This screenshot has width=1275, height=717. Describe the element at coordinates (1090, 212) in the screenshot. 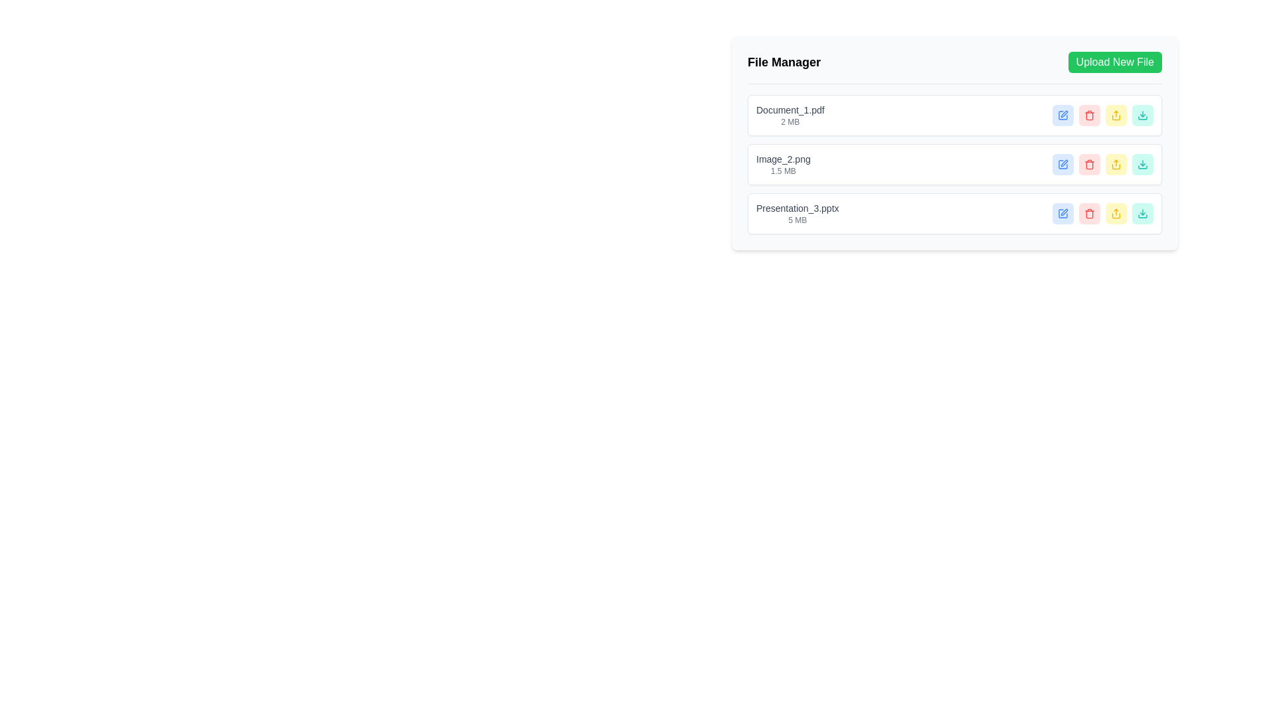

I see `the delete button with a red background and a trashcan icon, which is the third button in a horizontal group of action buttons located to the right of 'Presentation_3.pptx'` at that location.